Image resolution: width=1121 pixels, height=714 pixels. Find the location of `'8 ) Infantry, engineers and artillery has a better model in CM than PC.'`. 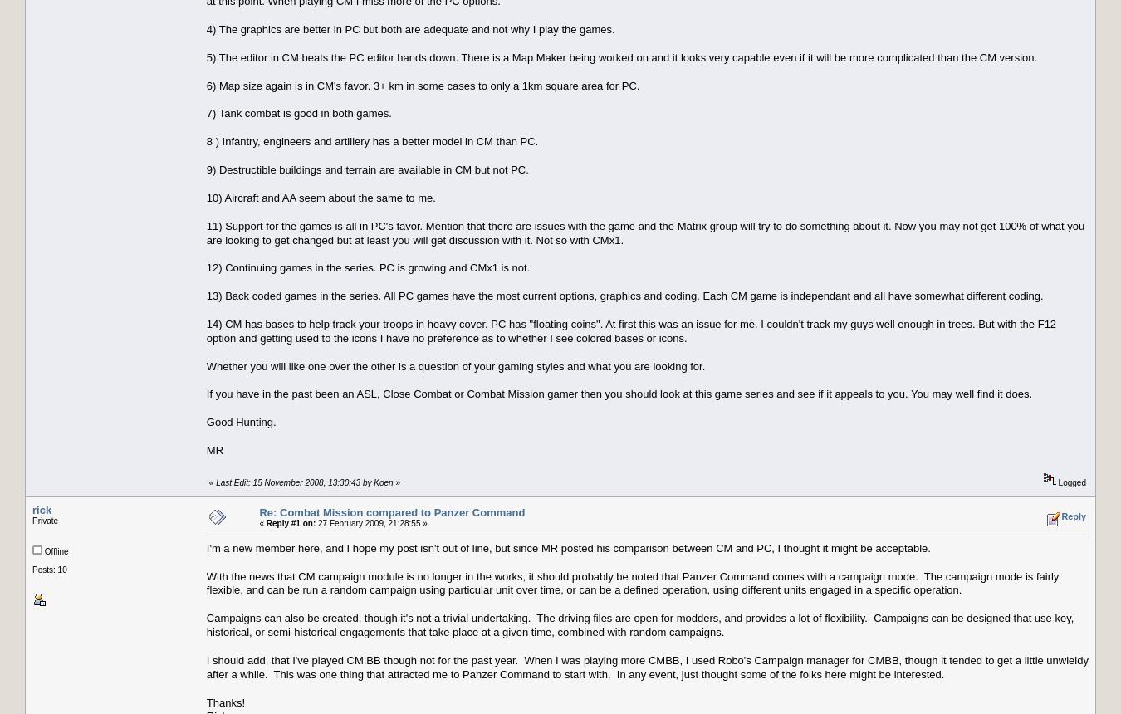

'8 ) Infantry, engineers and artillery has a better model in CM than PC.' is located at coordinates (372, 140).